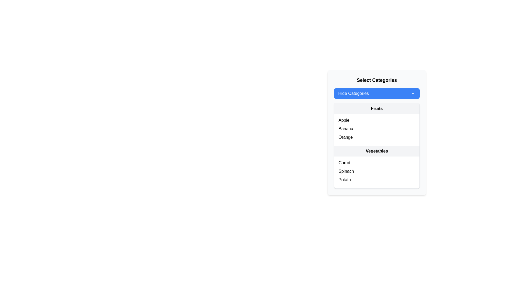 Image resolution: width=511 pixels, height=287 pixels. Describe the element at coordinates (413, 93) in the screenshot. I see `the small chevron-up icon with a thin outline that is part of the 'Hide Categories' button` at that location.